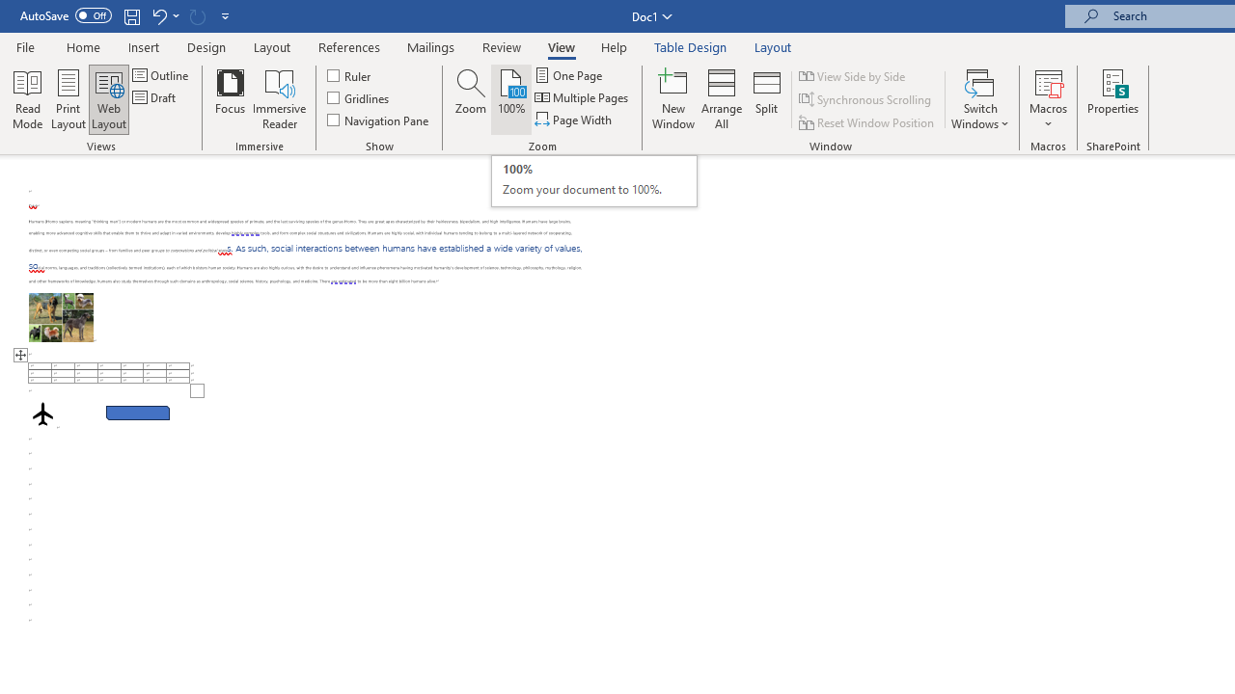  What do you see at coordinates (853, 75) in the screenshot?
I see `'View Side by Side'` at bounding box center [853, 75].